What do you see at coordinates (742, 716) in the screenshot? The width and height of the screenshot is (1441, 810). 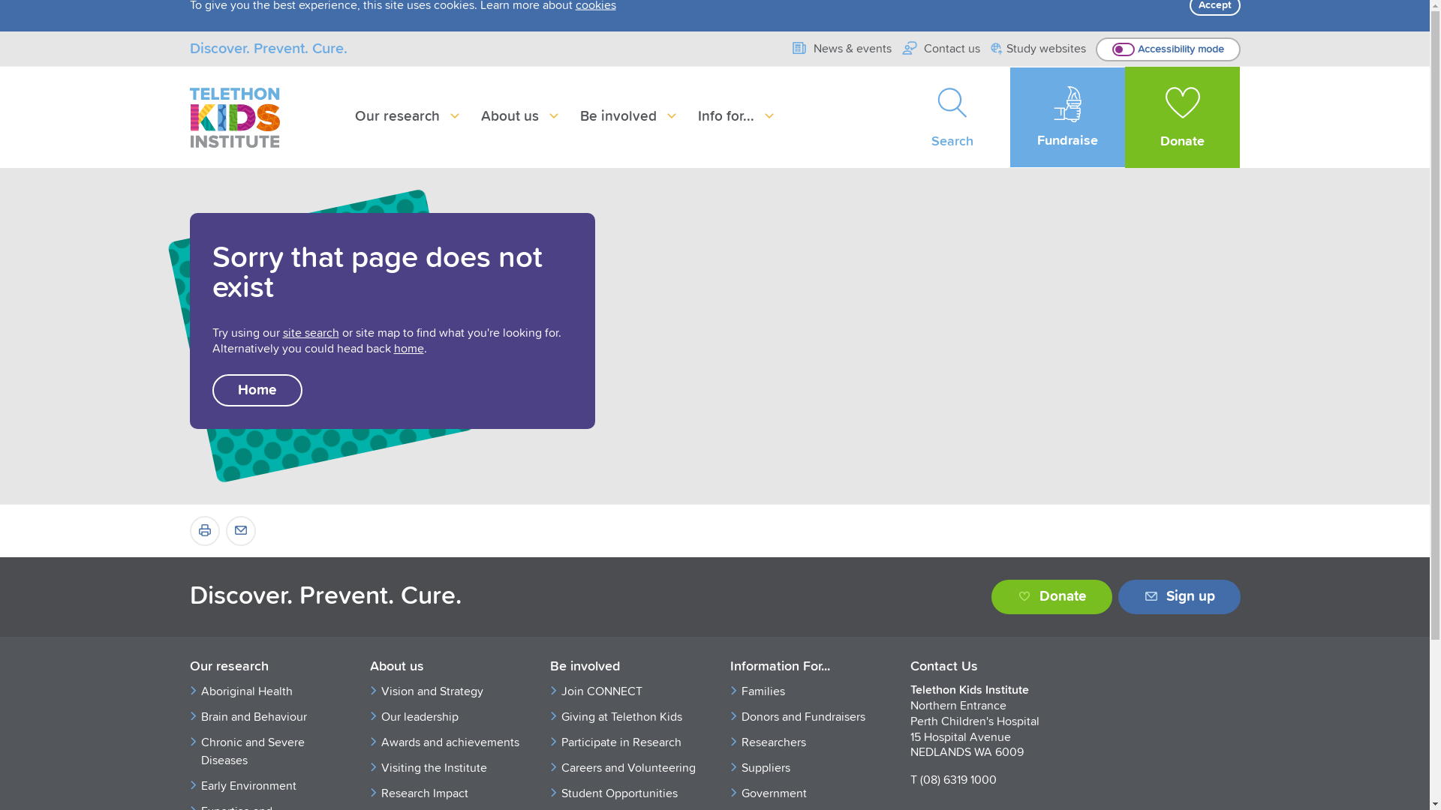 I see `'Donors and Fundraisers'` at bounding box center [742, 716].